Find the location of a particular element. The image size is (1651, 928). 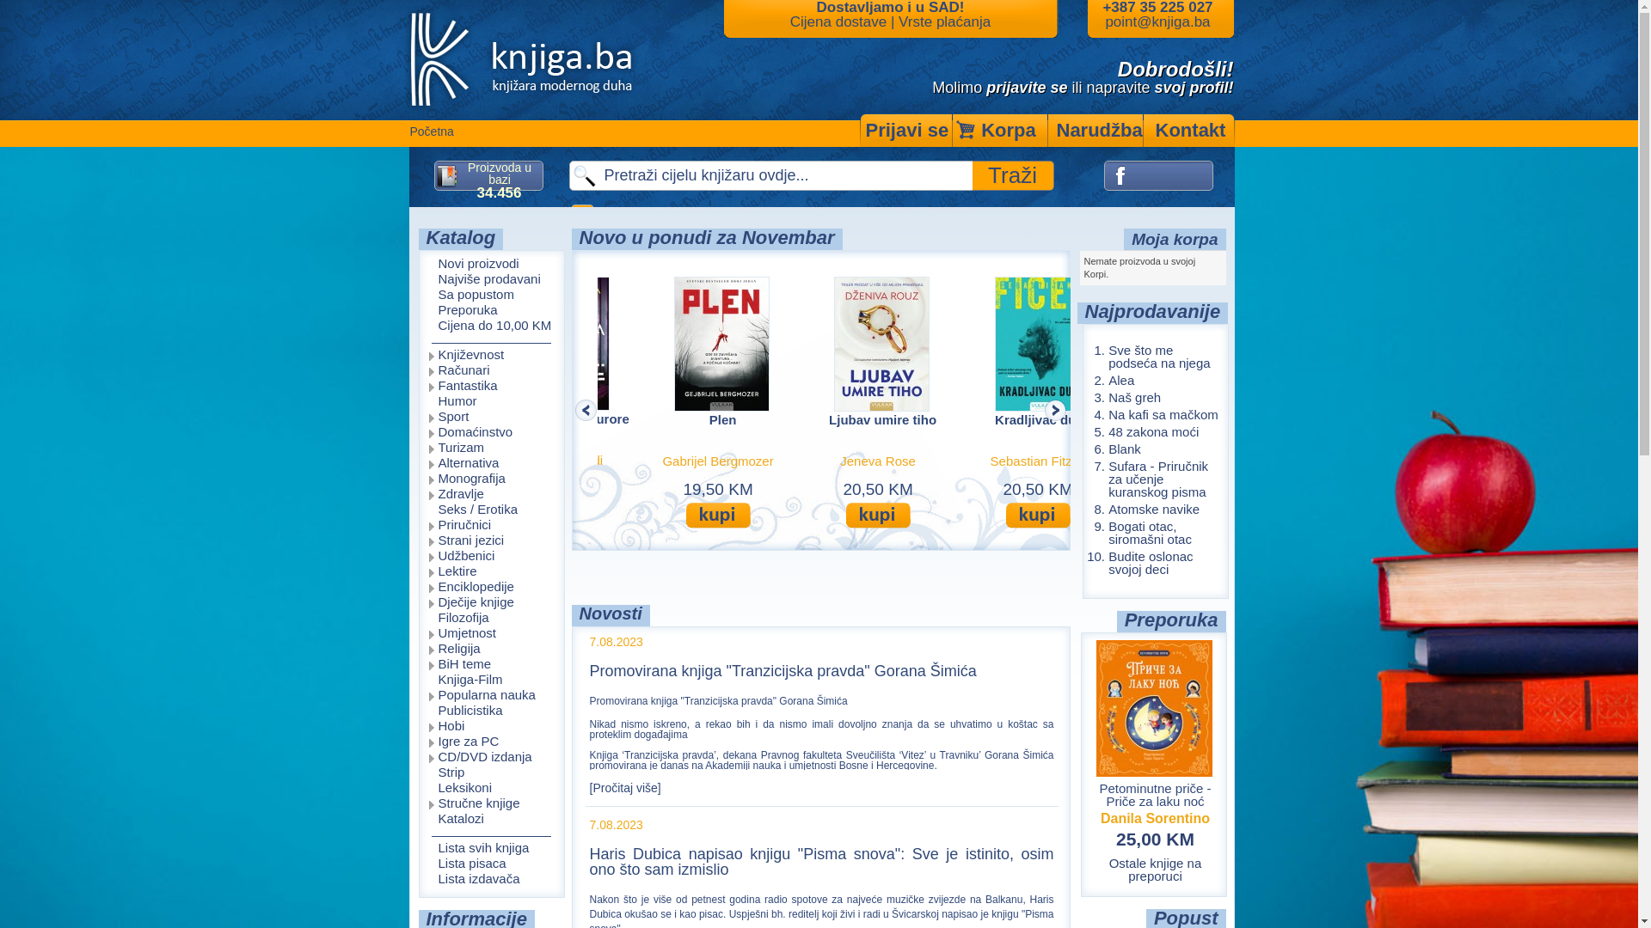

'Lista svih knjiga' is located at coordinates (417, 847).